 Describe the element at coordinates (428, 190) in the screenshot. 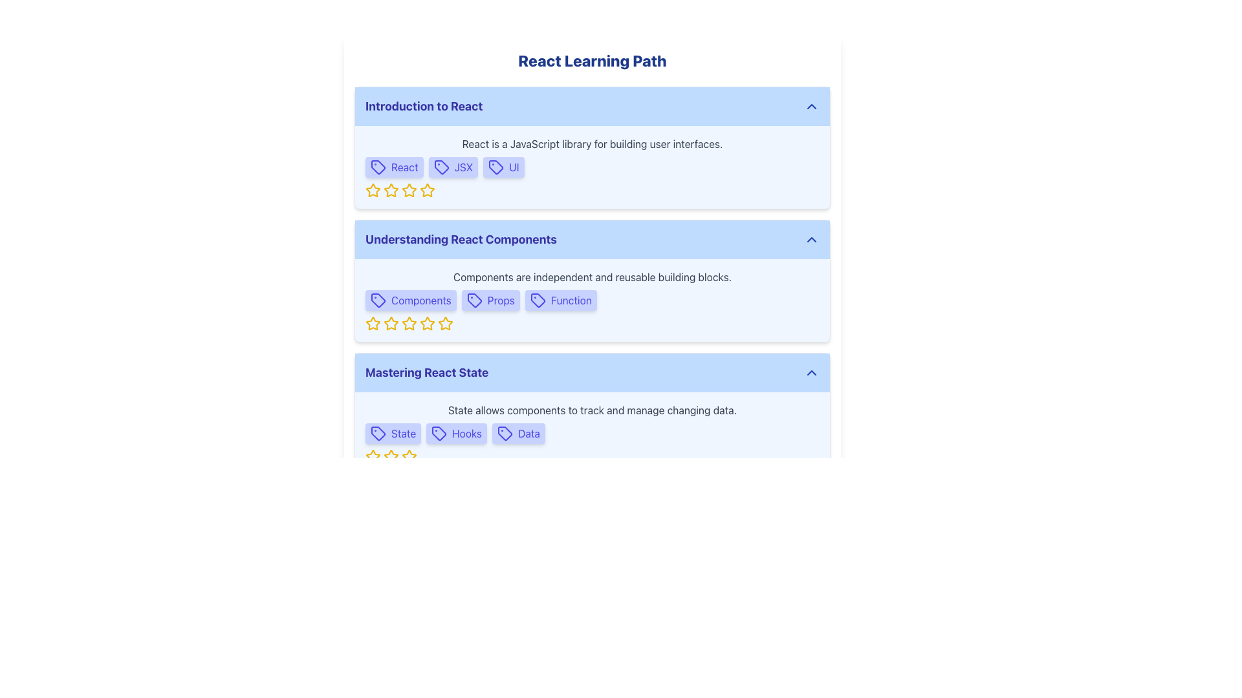

I see `the second star-shaped yellow rating indicator icon in the 'Introduction to React' section` at that location.